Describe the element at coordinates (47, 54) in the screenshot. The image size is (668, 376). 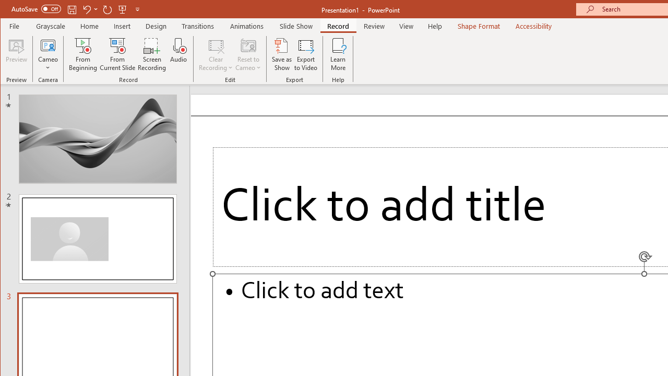
I see `'Cameo'` at that location.